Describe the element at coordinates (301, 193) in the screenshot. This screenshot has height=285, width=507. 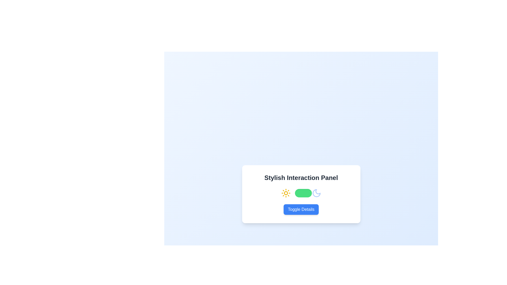
I see `the toggle switch with a green oval background and a white circular thumb` at that location.